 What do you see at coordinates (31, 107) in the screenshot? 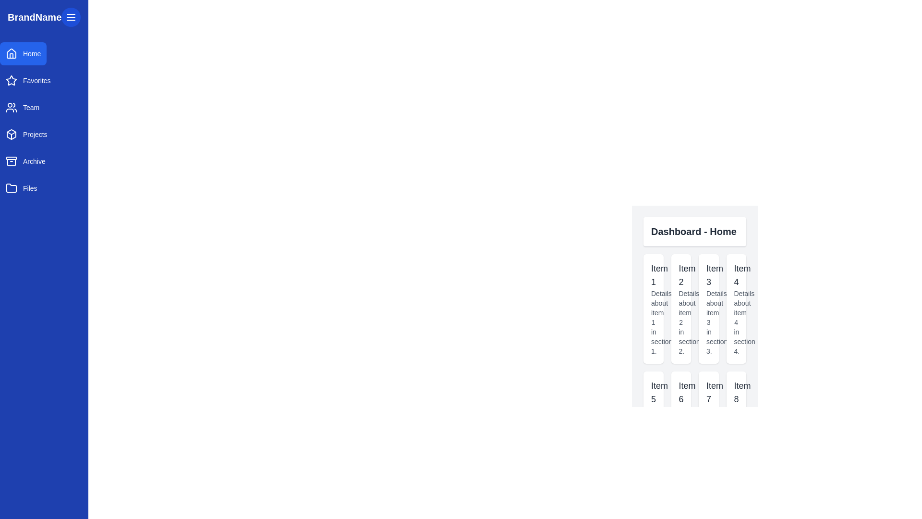
I see `displayed text on the 'Team' label, which is a white font on a blue background located in the left sidebar, between 'Favorites' and 'Projects'` at bounding box center [31, 107].